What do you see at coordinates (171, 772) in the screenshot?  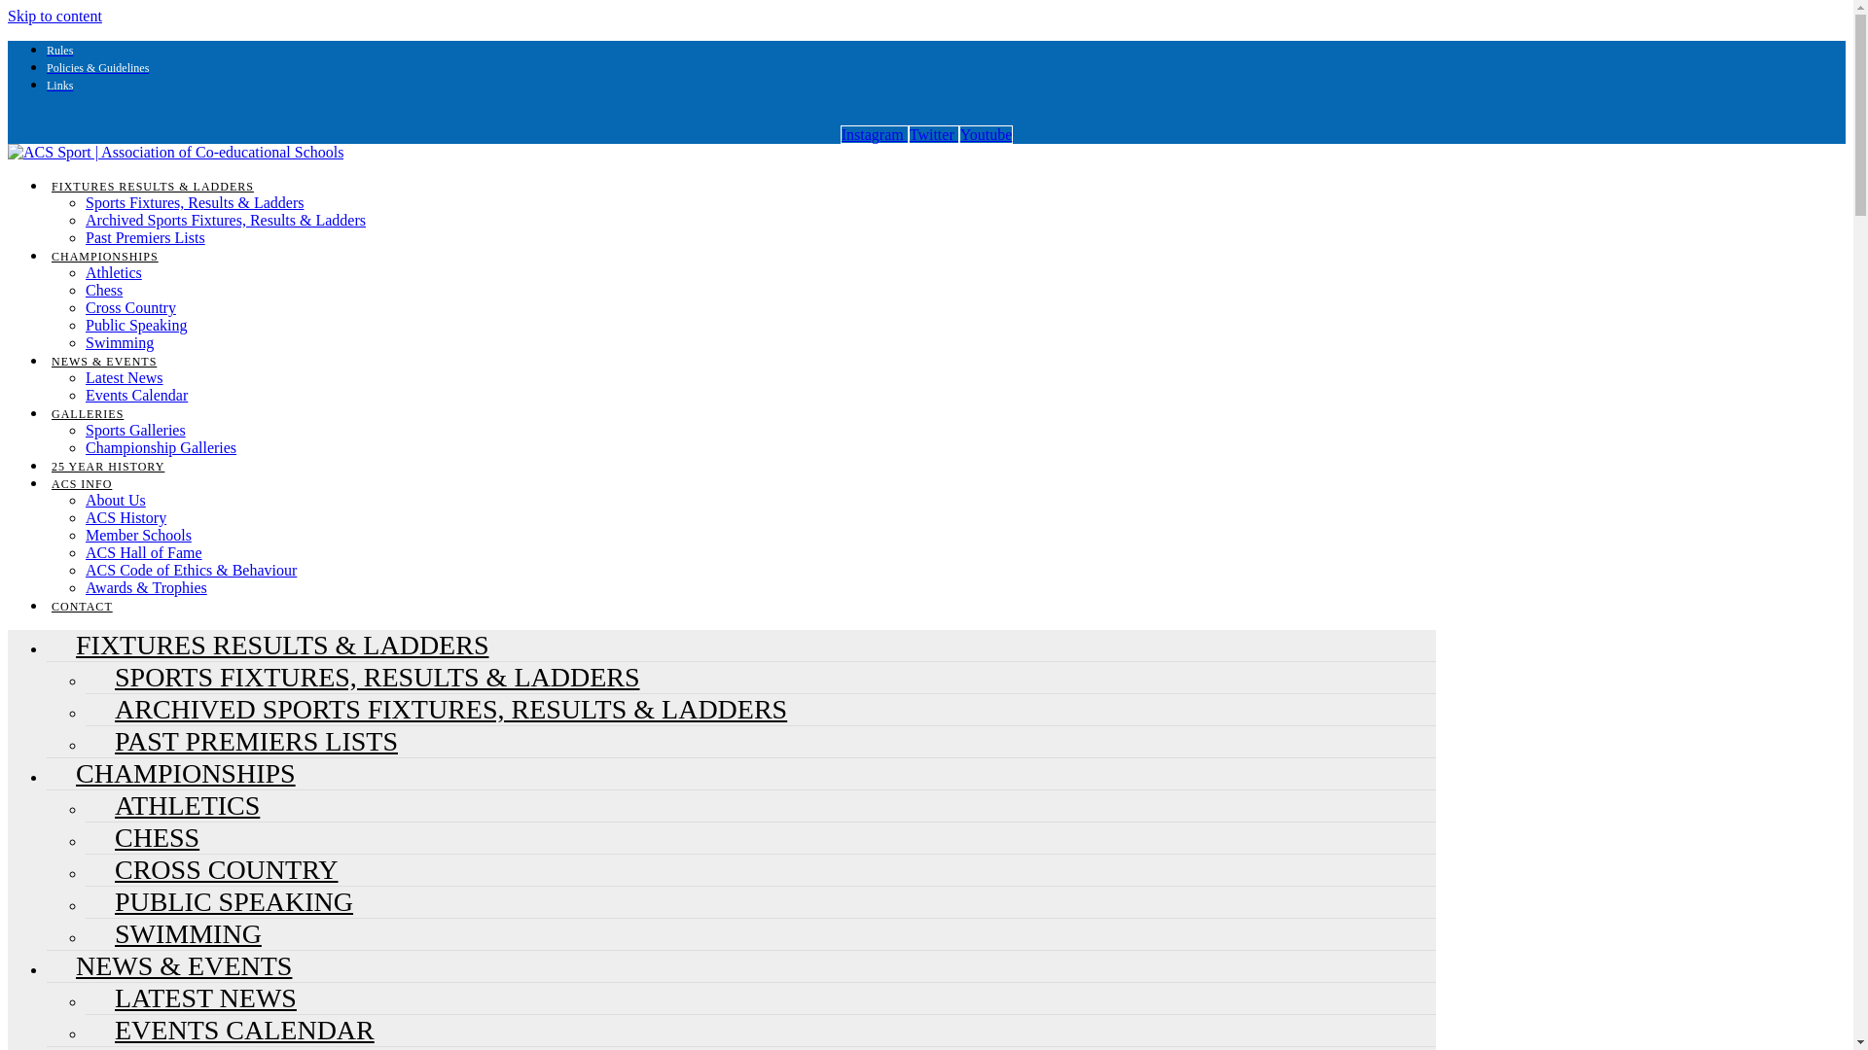 I see `'CHAMPIONSHIPS'` at bounding box center [171, 772].